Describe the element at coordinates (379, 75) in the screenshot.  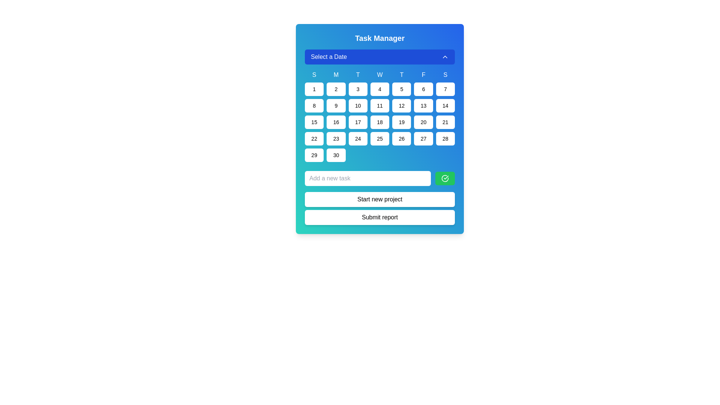
I see `the text label indicating 'Wednesday' in the calendar view, which is the fourth element from the left in a row of weekday initials` at that location.